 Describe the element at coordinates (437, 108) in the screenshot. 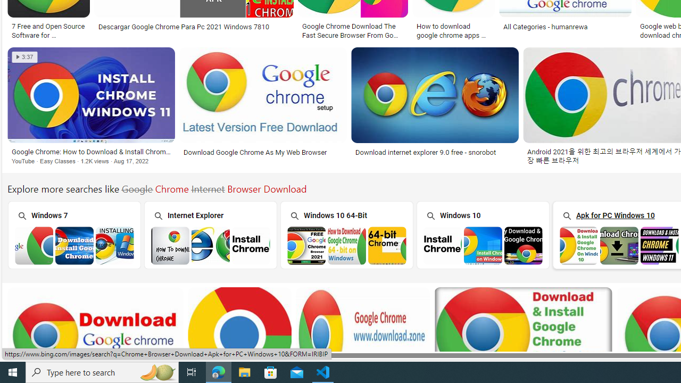

I see `'Download internet explorer 9.0 free - snorobotSave'` at that location.